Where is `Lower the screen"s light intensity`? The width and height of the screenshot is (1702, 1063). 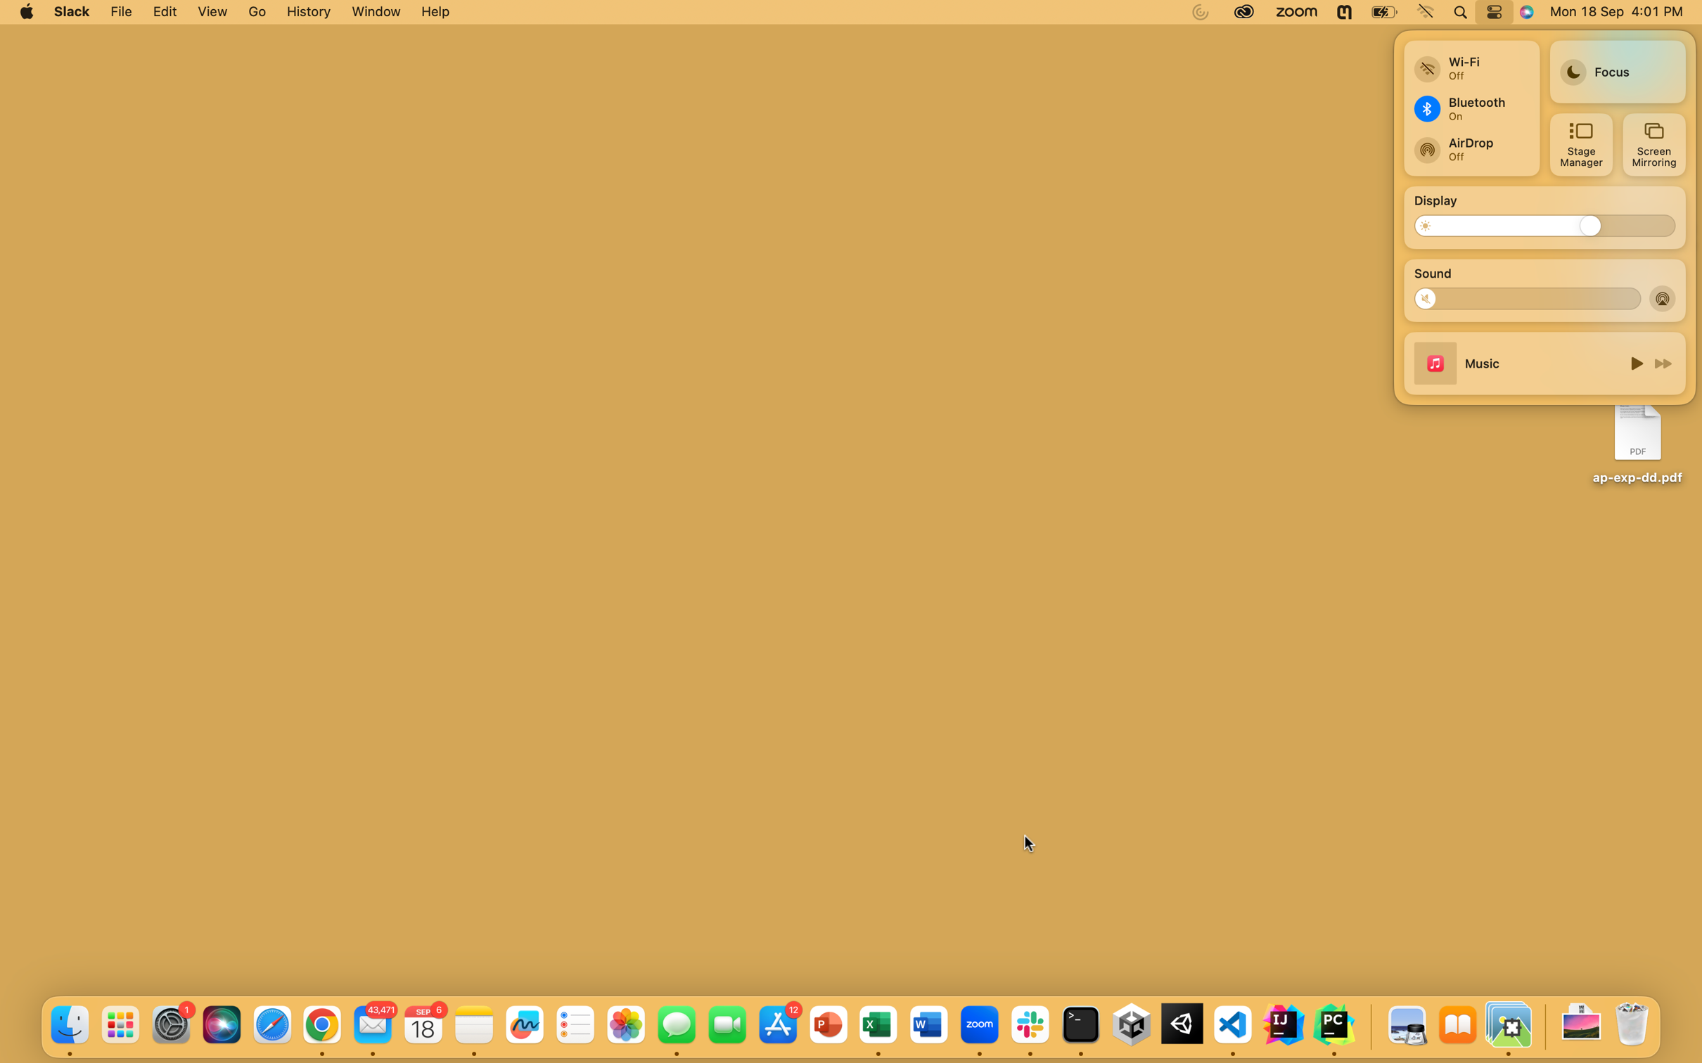 Lower the screen"s light intensity is located at coordinates (1433, 224).